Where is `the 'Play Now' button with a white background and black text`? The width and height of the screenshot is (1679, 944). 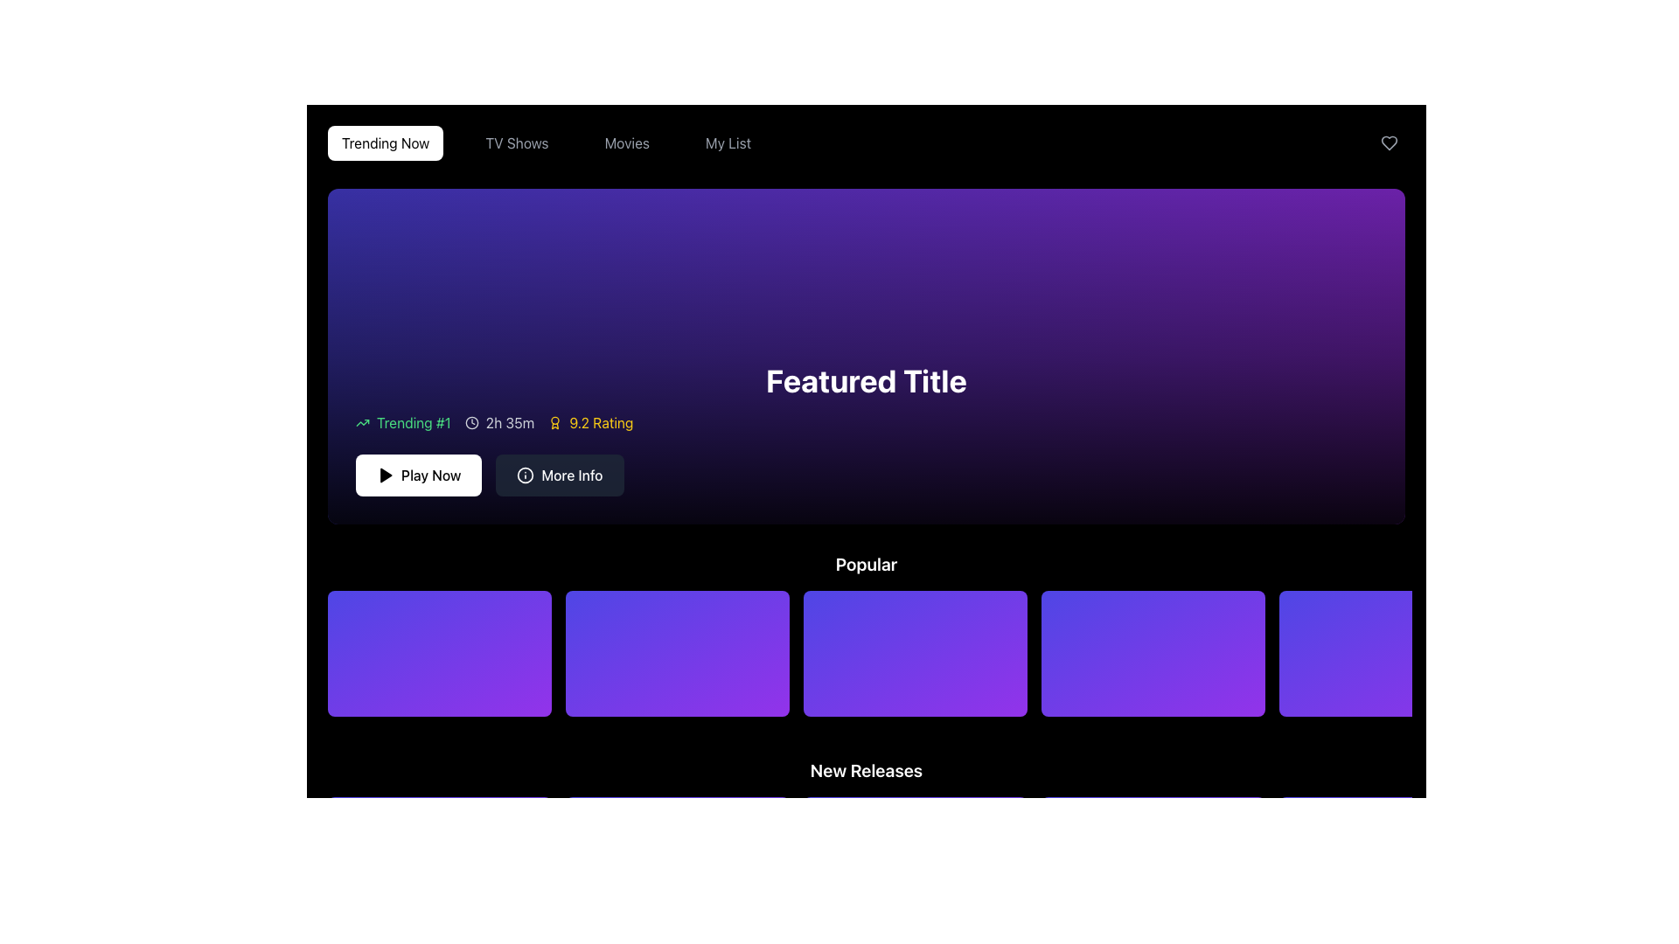 the 'Play Now' button with a white background and black text is located at coordinates (418, 475).